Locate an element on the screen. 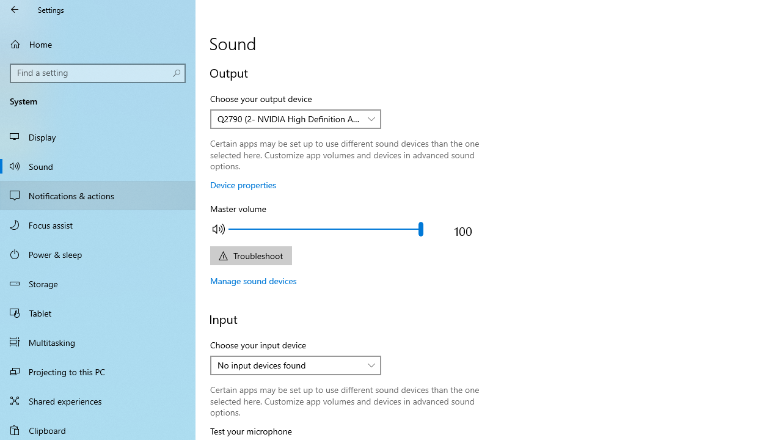  'Q2790 (2- NVIDIA High Definition Audio)' is located at coordinates (288, 119).